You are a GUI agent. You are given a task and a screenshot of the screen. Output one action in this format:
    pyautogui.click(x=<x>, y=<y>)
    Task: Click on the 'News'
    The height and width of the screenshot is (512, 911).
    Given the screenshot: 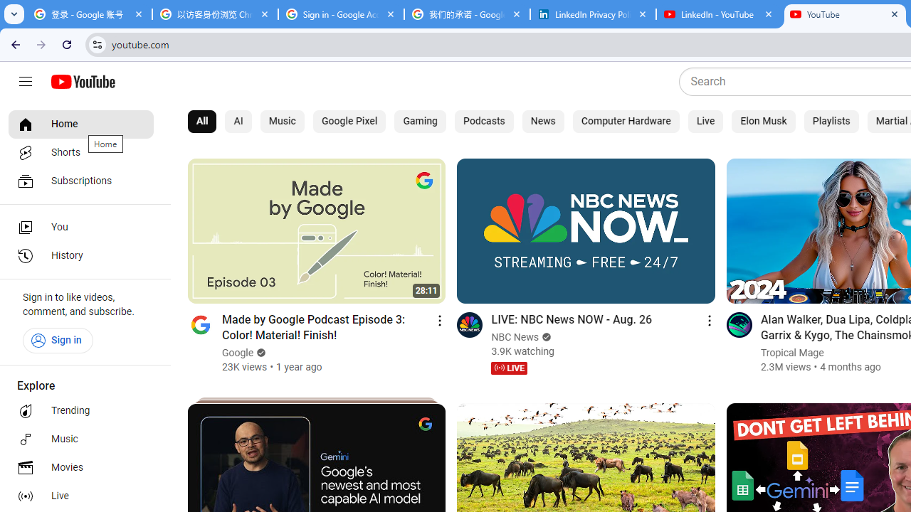 What is the action you would take?
    pyautogui.click(x=542, y=121)
    